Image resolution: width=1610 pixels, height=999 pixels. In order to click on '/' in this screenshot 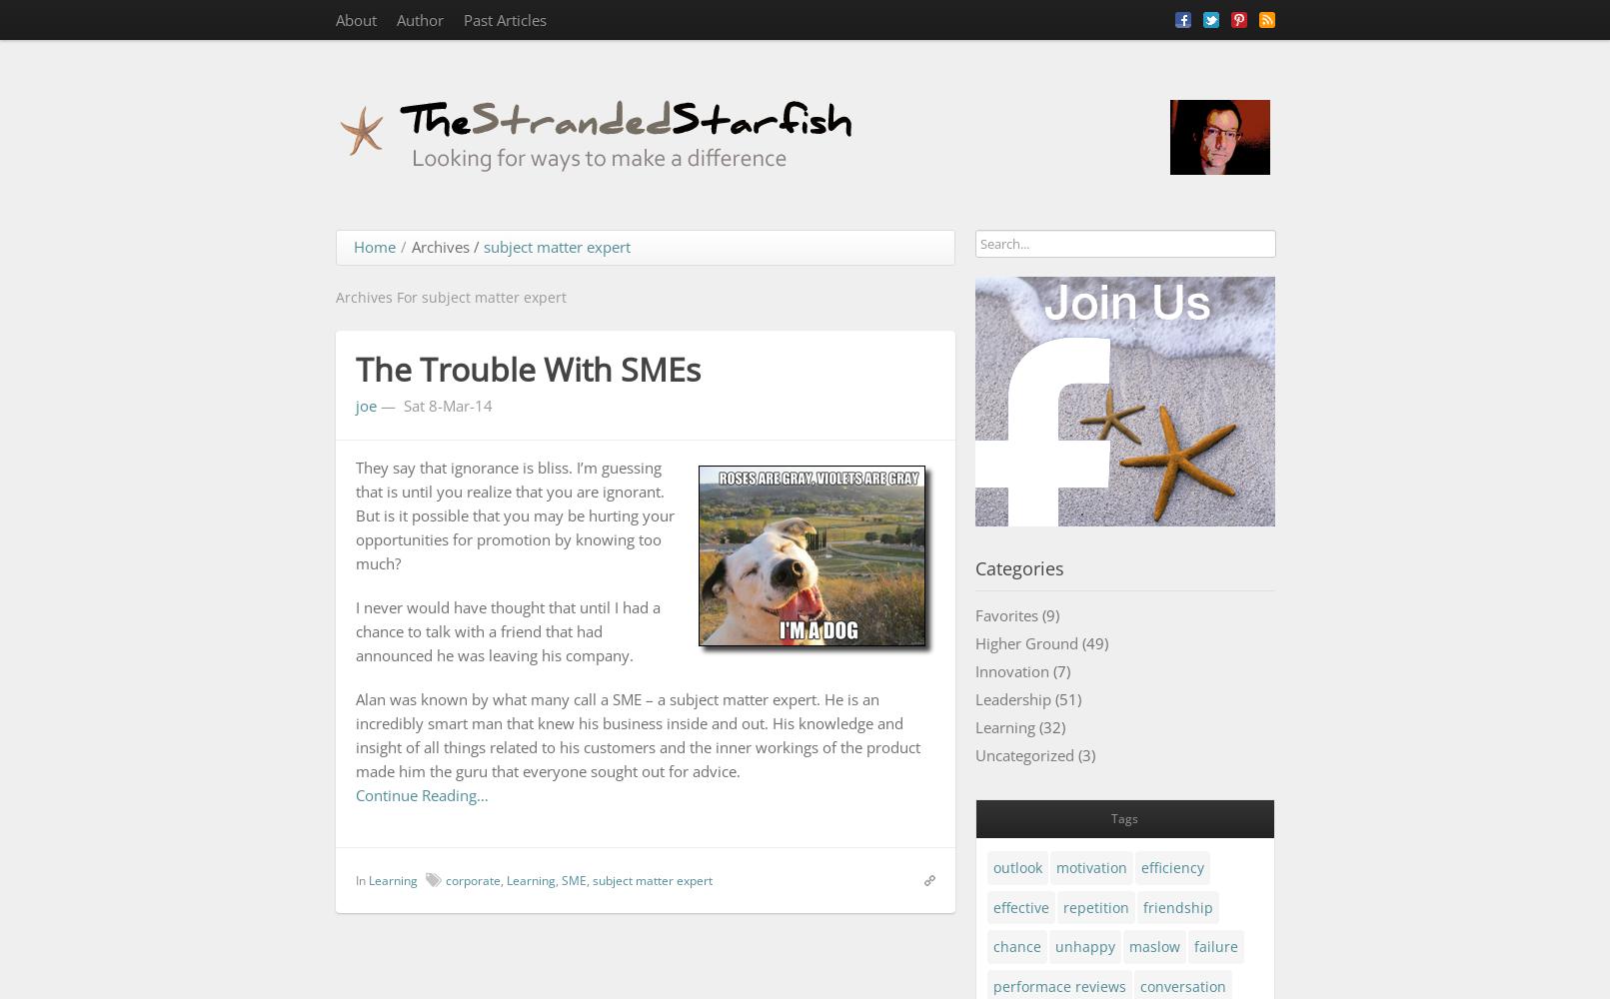, I will do `click(403, 246)`.